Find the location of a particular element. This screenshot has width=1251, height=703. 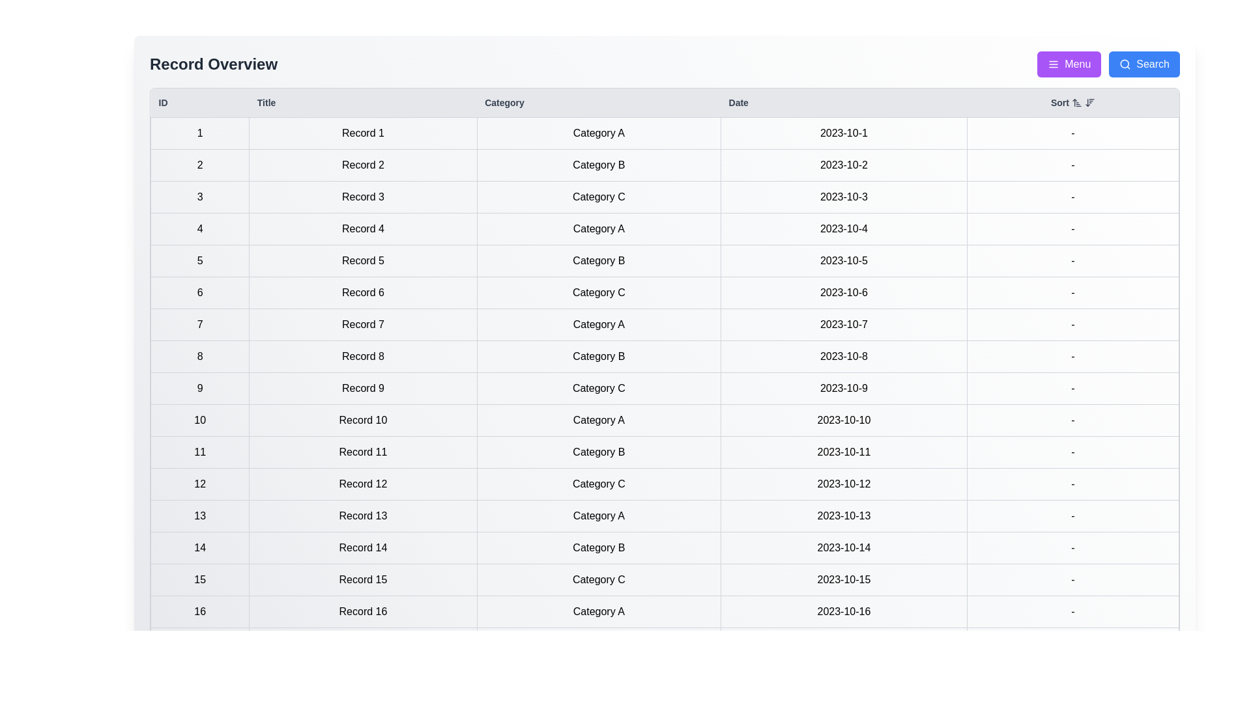

the text in the cell containing 'Record 1' is located at coordinates (249, 117).